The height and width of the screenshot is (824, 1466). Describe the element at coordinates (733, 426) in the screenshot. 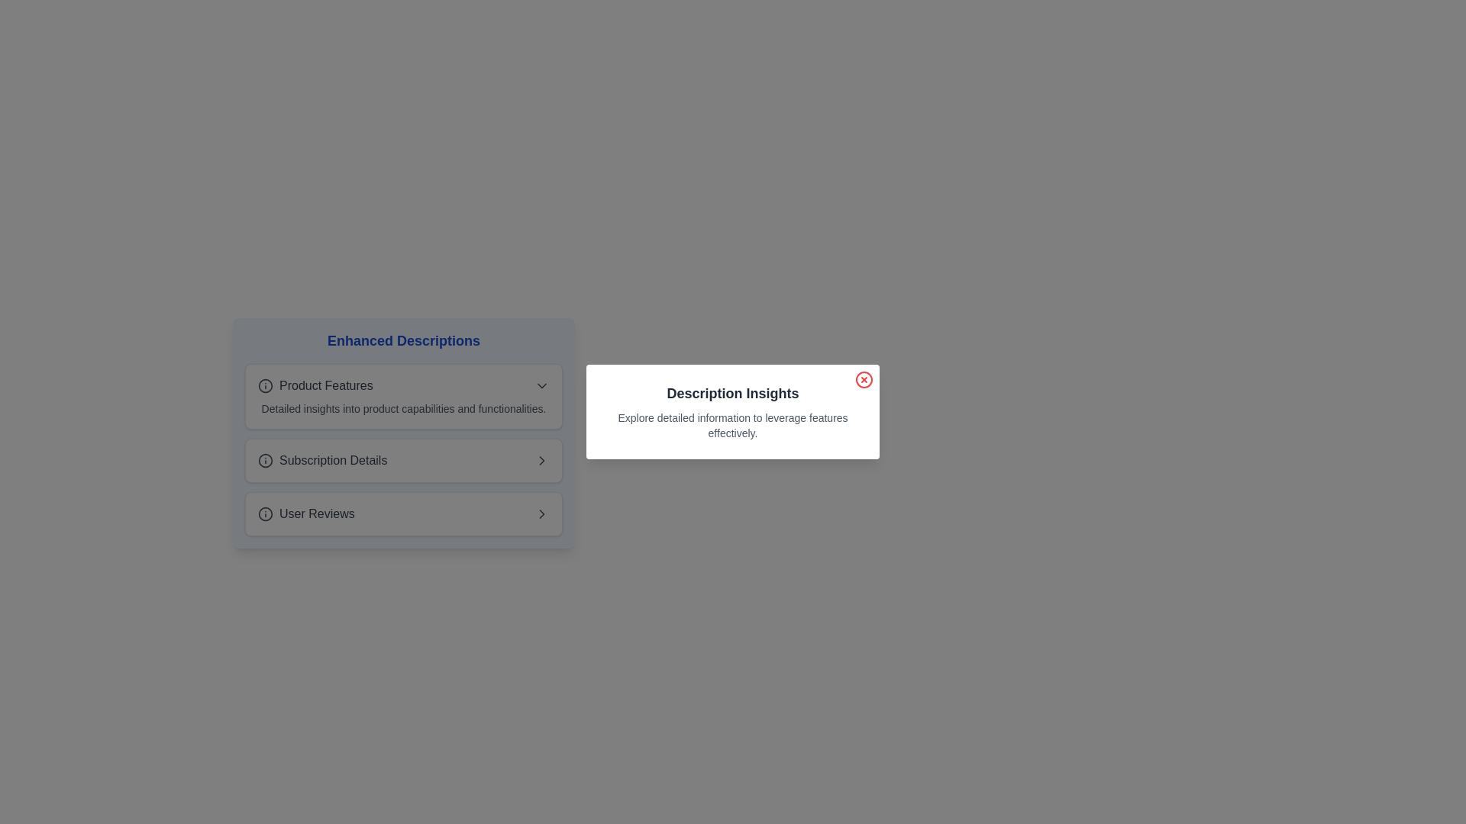

I see `text label providing supplementary information located directly beneath the heading 'Description Insights'` at that location.